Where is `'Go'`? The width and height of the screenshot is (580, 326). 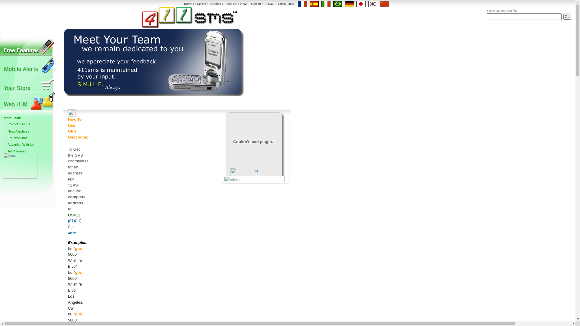 'Go' is located at coordinates (563, 16).